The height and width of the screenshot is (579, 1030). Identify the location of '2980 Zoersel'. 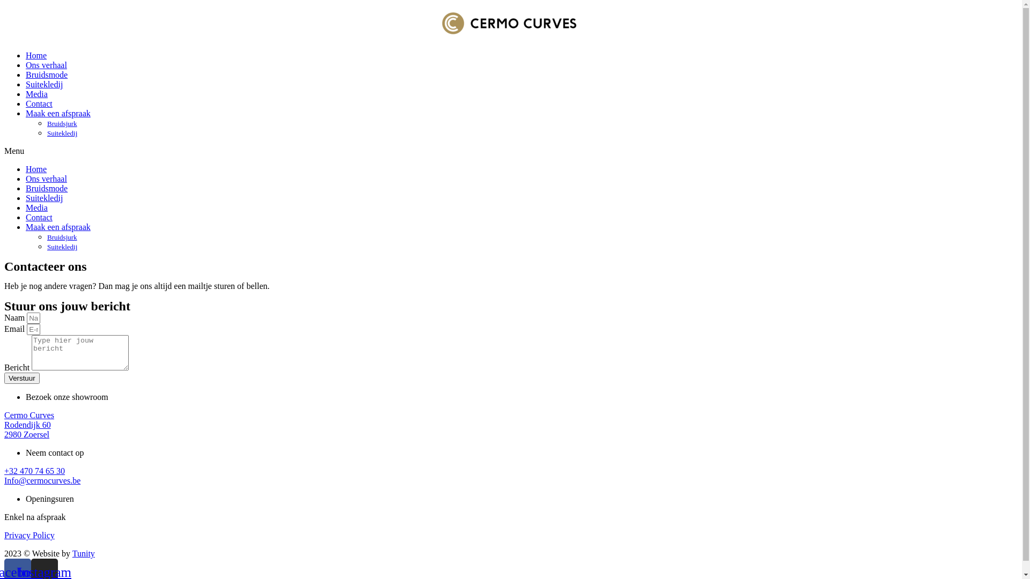
(26, 434).